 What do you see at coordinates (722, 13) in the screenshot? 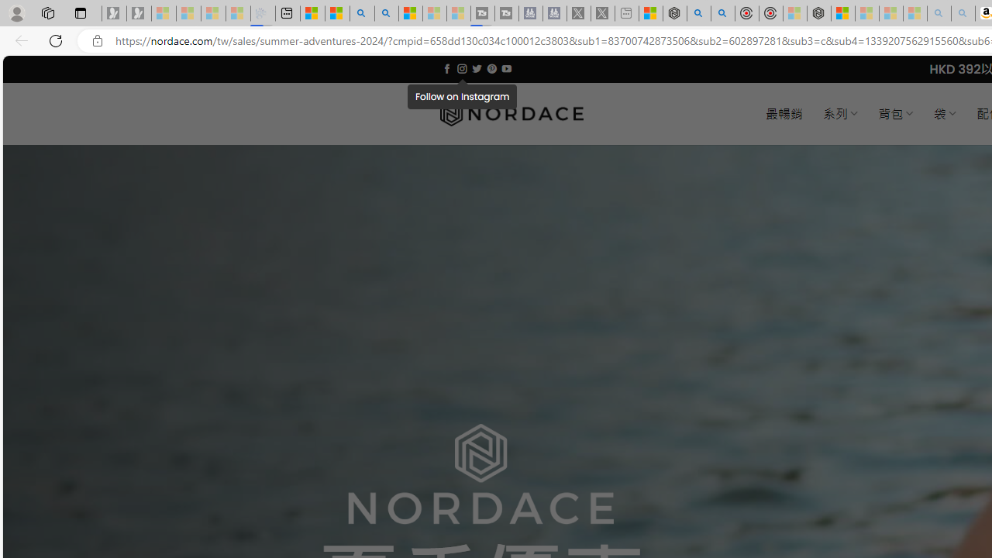
I see `'poe ++ standard - Search'` at bounding box center [722, 13].